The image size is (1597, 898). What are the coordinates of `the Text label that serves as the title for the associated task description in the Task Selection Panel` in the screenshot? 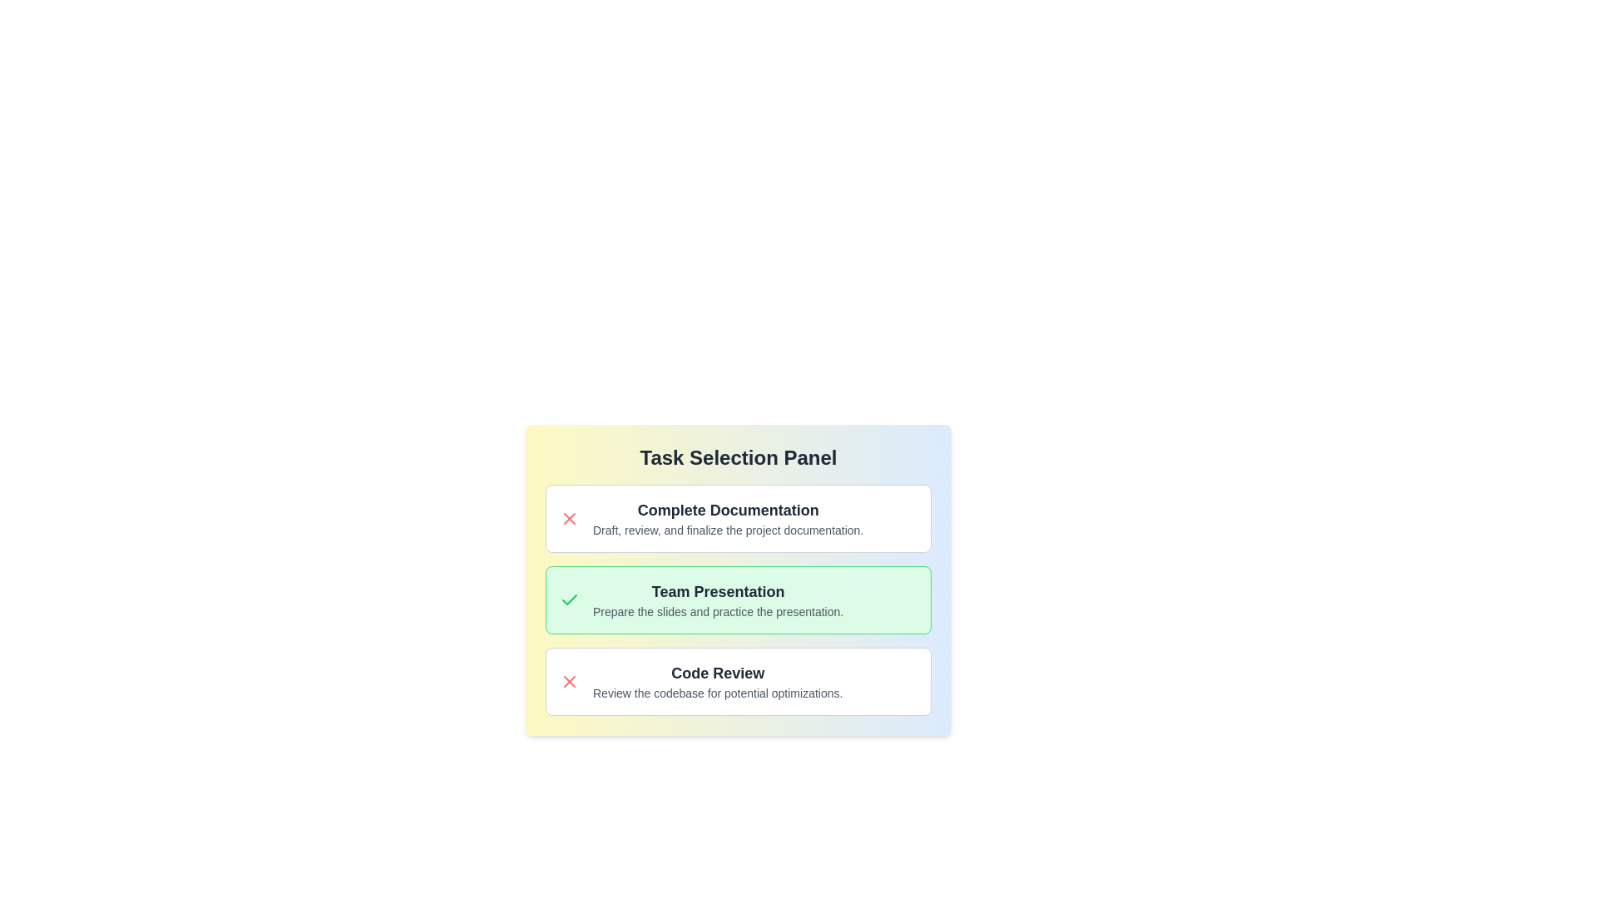 It's located at (718, 673).